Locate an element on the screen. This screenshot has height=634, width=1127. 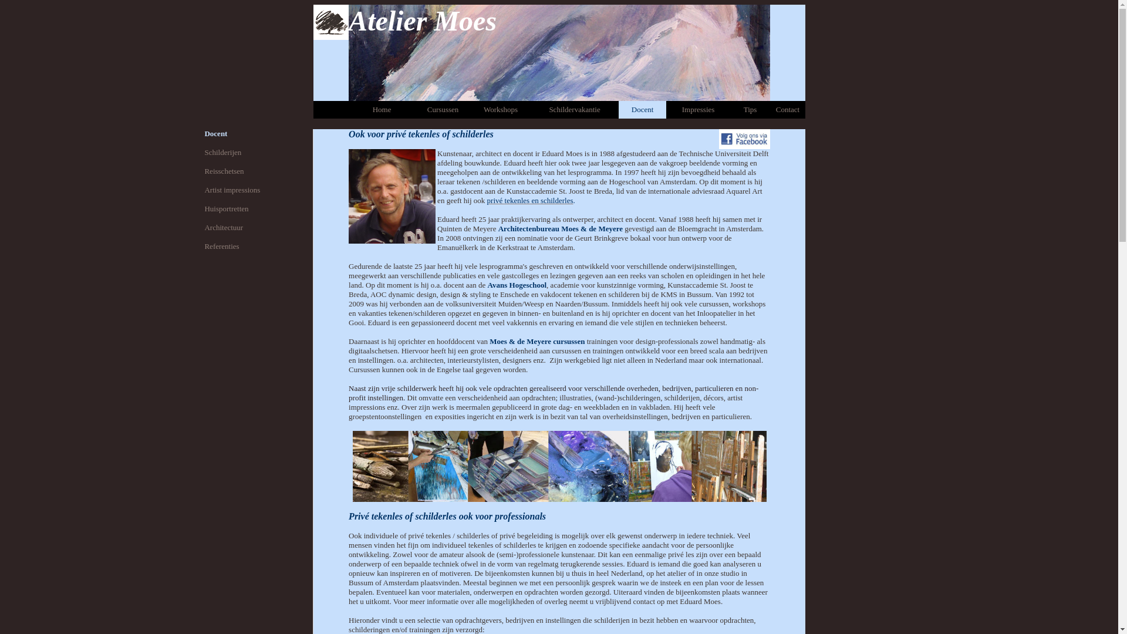
'Architectuur' is located at coordinates (223, 227).